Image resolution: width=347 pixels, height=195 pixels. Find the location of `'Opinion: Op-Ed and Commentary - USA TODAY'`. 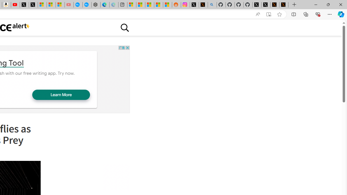

'Opinion: Op-Ed and Commentary - USA TODAY' is located at coordinates (78, 5).